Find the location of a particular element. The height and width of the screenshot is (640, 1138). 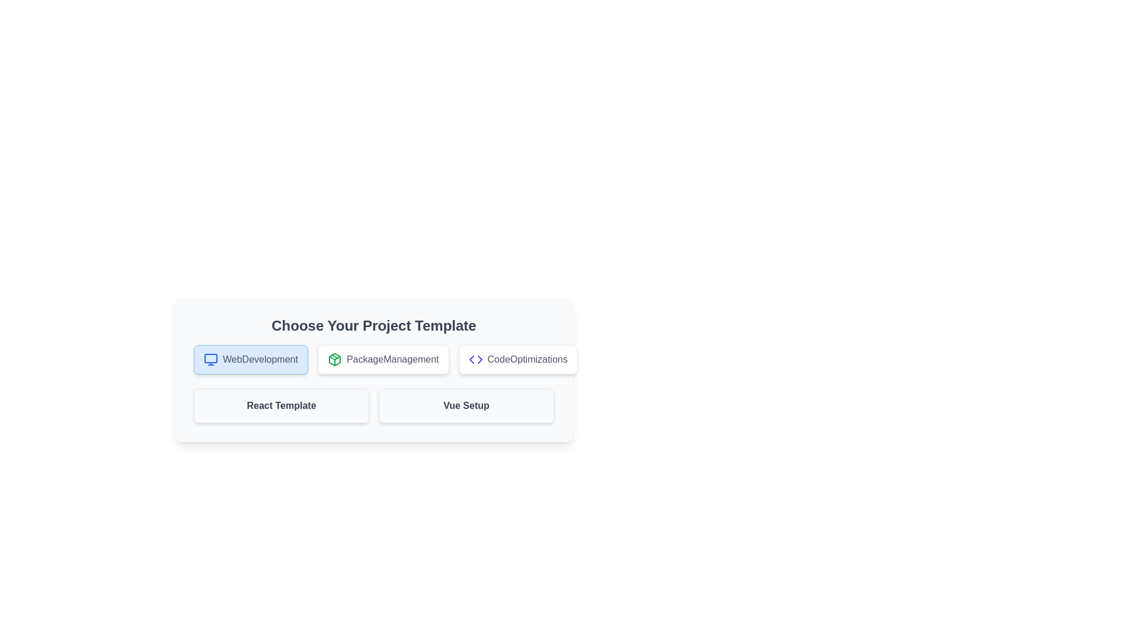

the 'WebDevelopment' button, which is a light blue rectangular button with rounded corners, featuring a computer display icon and gray text is located at coordinates (250, 359).